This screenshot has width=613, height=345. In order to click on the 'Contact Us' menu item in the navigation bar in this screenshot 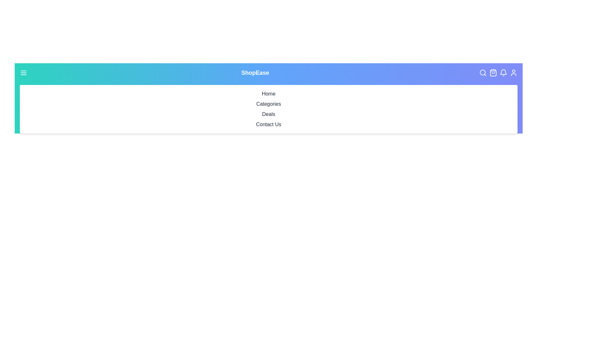, I will do `click(269, 124)`.